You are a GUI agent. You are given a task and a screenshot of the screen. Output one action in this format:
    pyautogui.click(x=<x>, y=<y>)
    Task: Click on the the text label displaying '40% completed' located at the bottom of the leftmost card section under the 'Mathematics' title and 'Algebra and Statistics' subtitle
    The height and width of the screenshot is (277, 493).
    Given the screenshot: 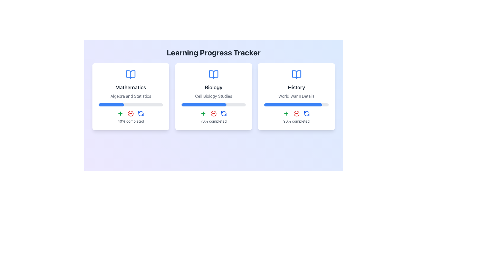 What is the action you would take?
    pyautogui.click(x=131, y=121)
    